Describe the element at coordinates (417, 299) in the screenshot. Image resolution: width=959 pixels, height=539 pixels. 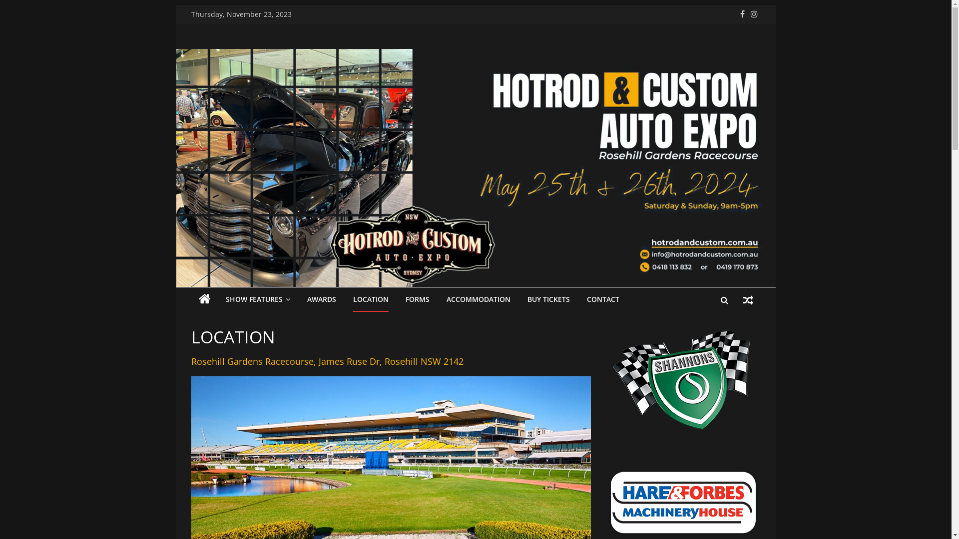
I see `'FORMS'` at that location.